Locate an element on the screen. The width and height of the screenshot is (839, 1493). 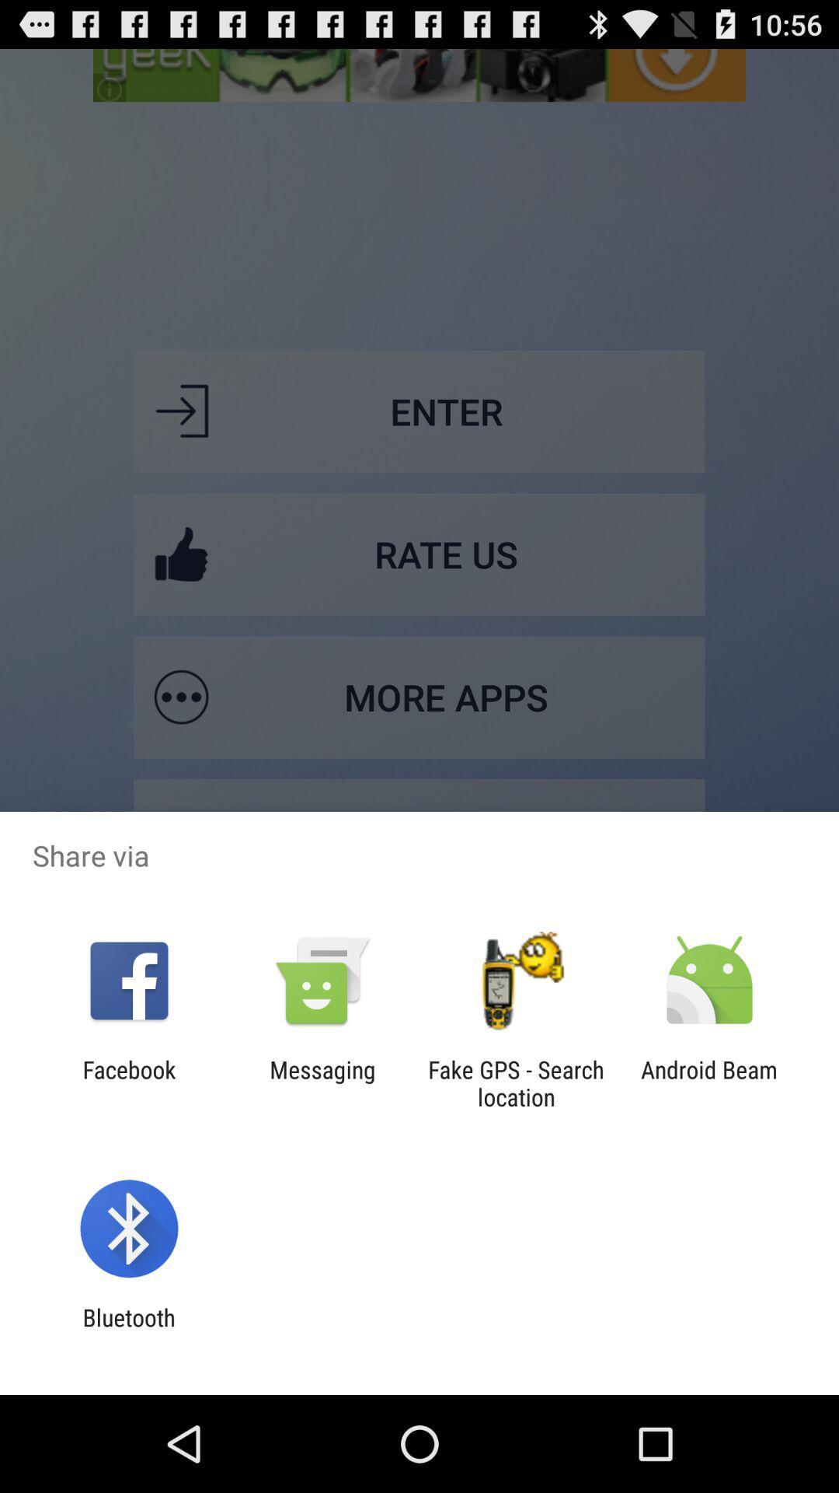
the messaging is located at coordinates (322, 1082).